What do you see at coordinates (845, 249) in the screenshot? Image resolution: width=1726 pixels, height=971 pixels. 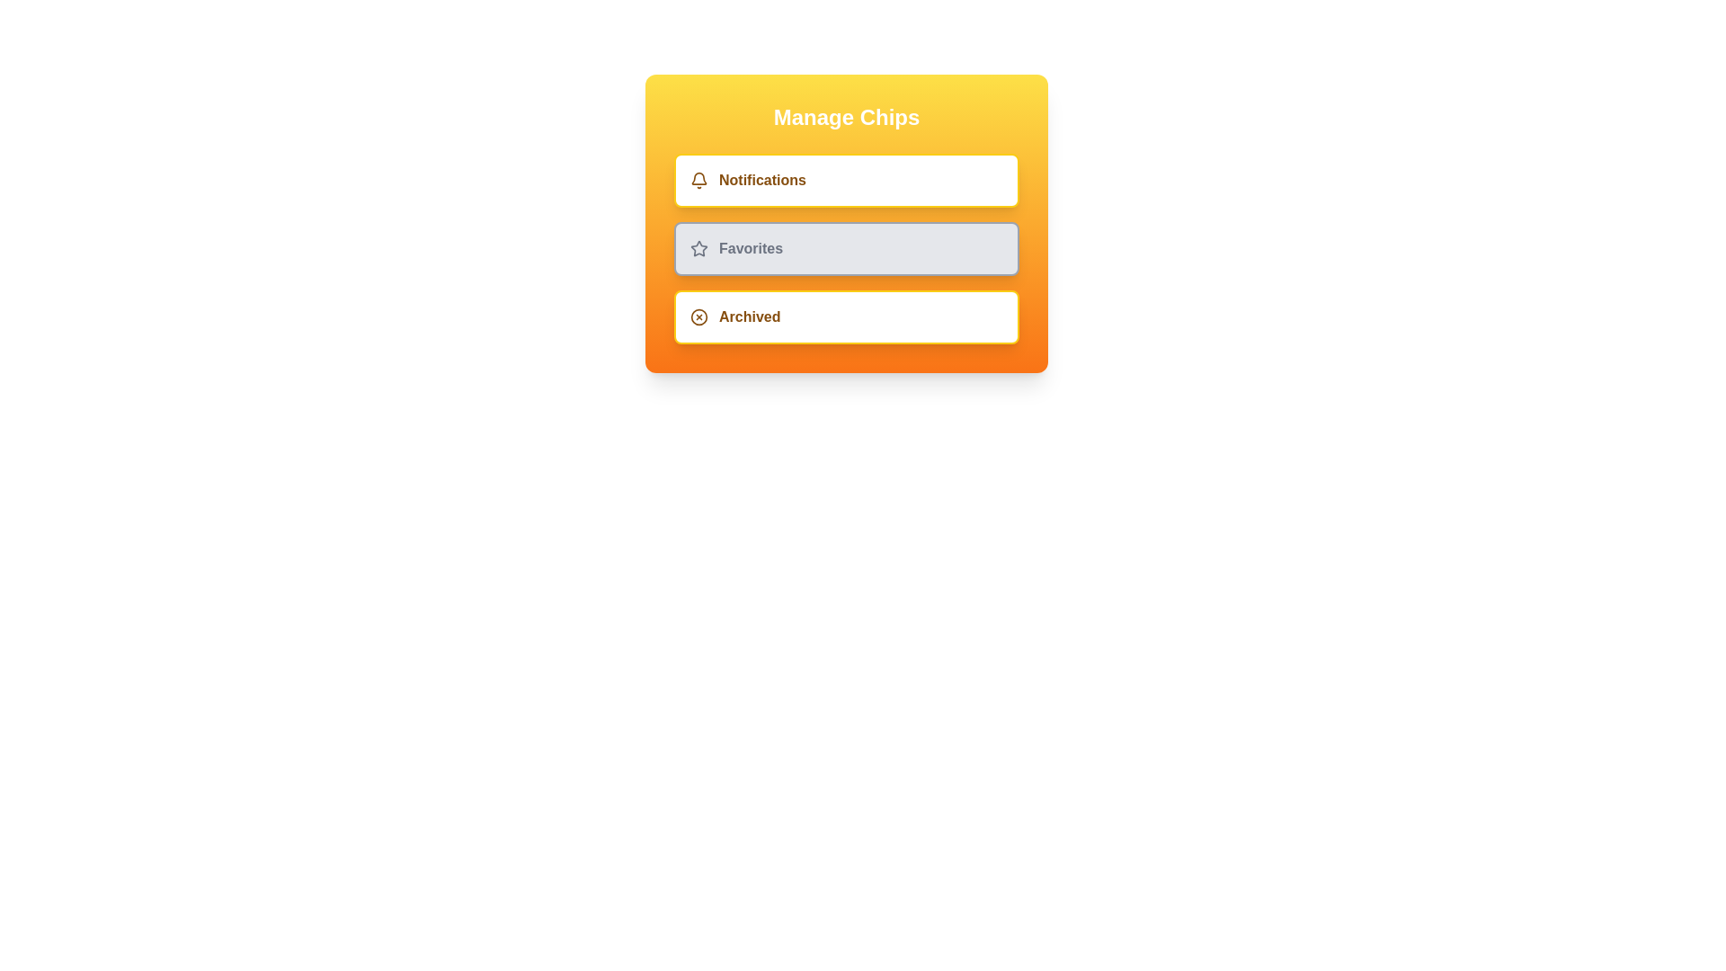 I see `the chip labeled Favorites to explore its hover effect` at bounding box center [845, 249].